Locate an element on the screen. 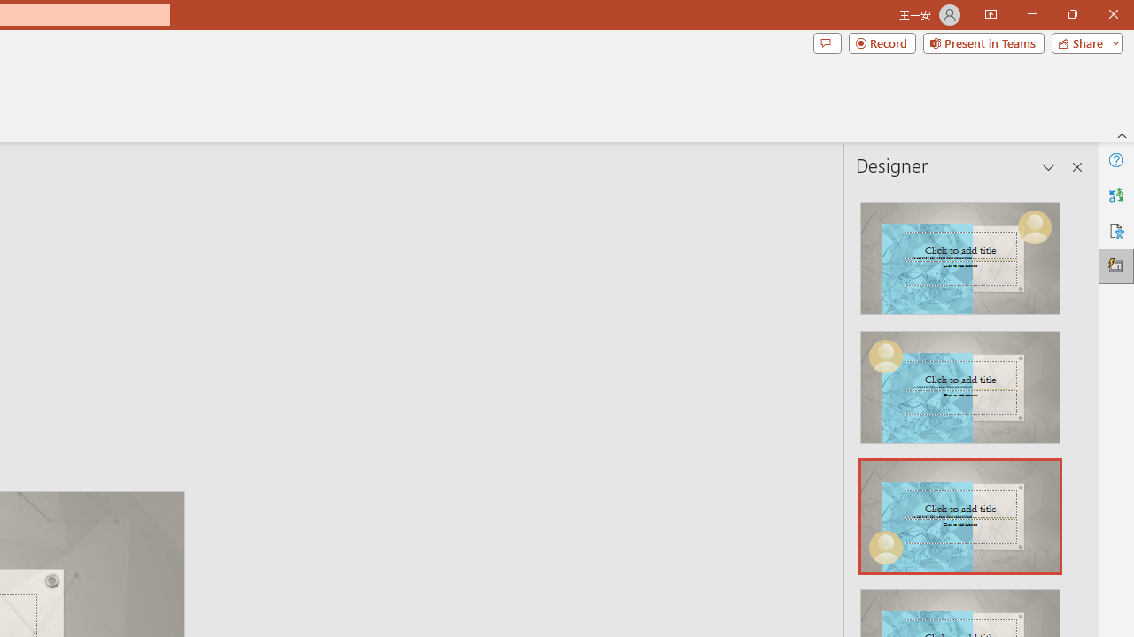  'Restore Down' is located at coordinates (1071, 14).